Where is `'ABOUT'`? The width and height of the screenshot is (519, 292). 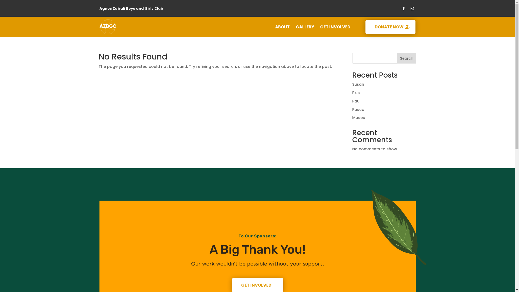
'ABOUT' is located at coordinates (282, 28).